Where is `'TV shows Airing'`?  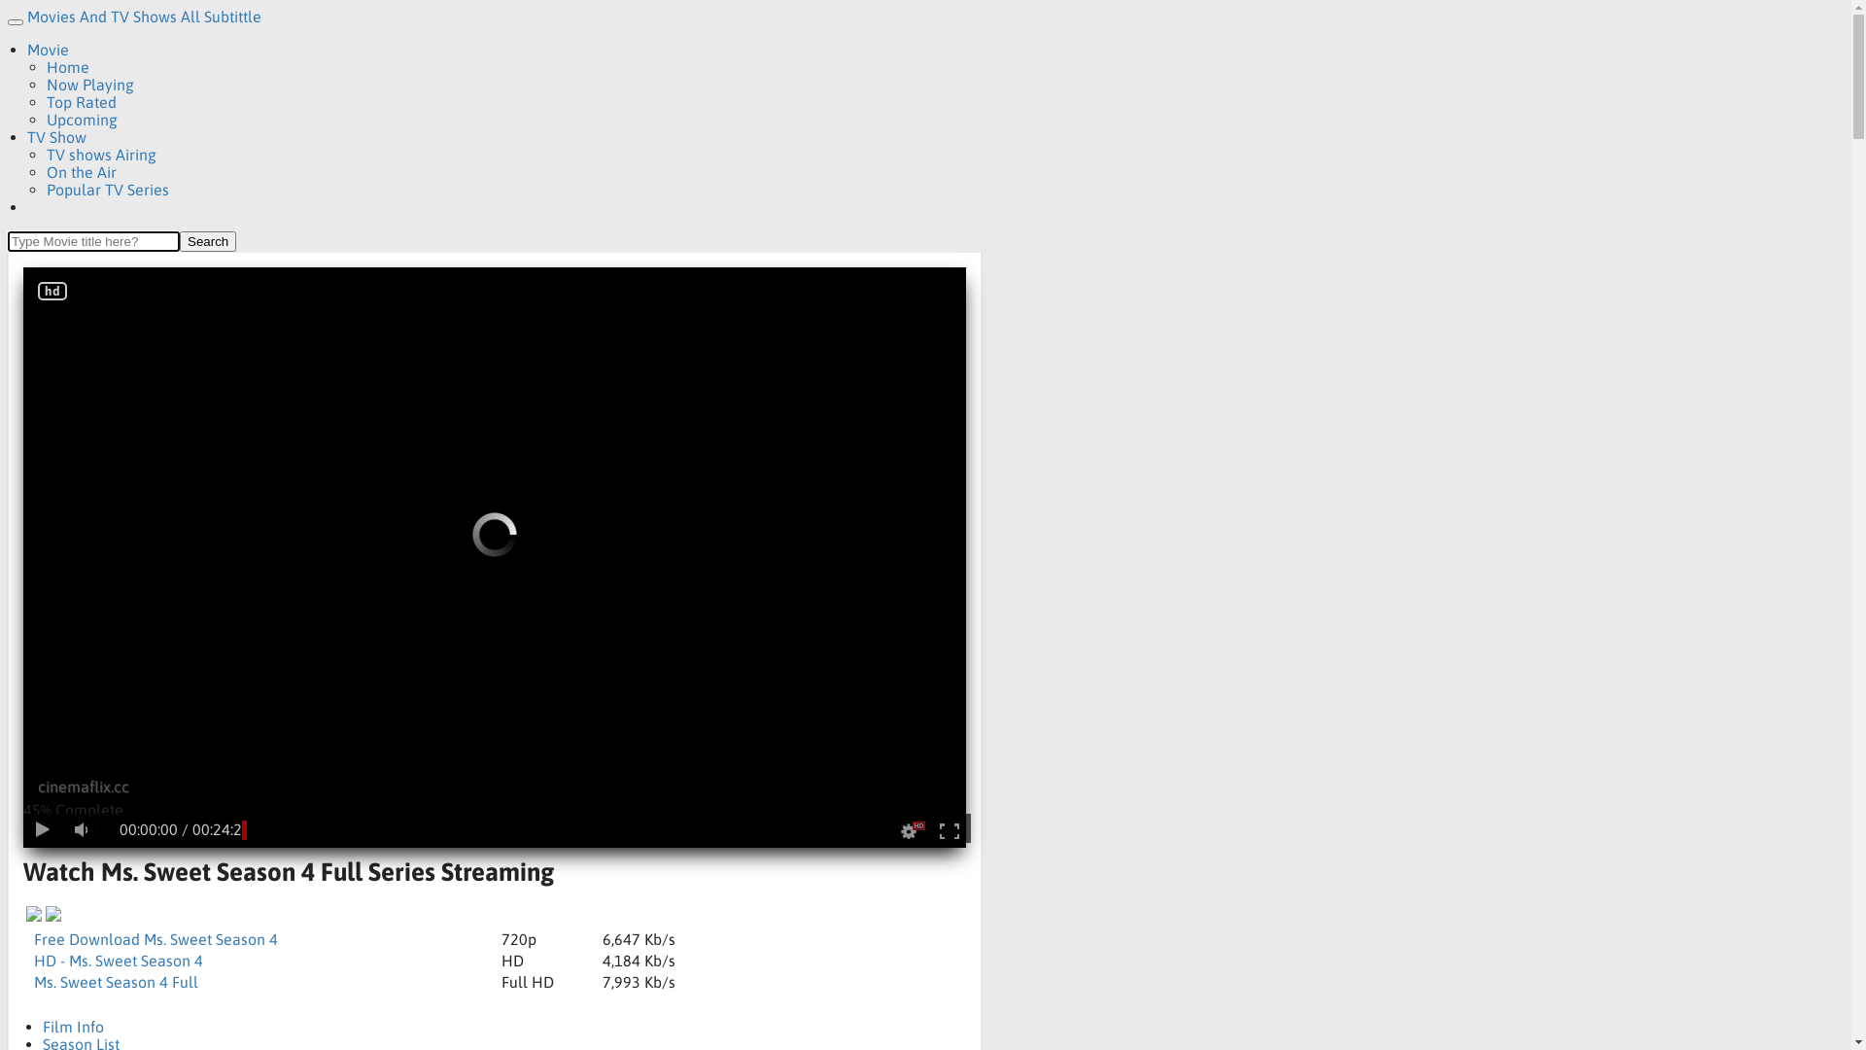
'TV shows Airing' is located at coordinates (100, 153).